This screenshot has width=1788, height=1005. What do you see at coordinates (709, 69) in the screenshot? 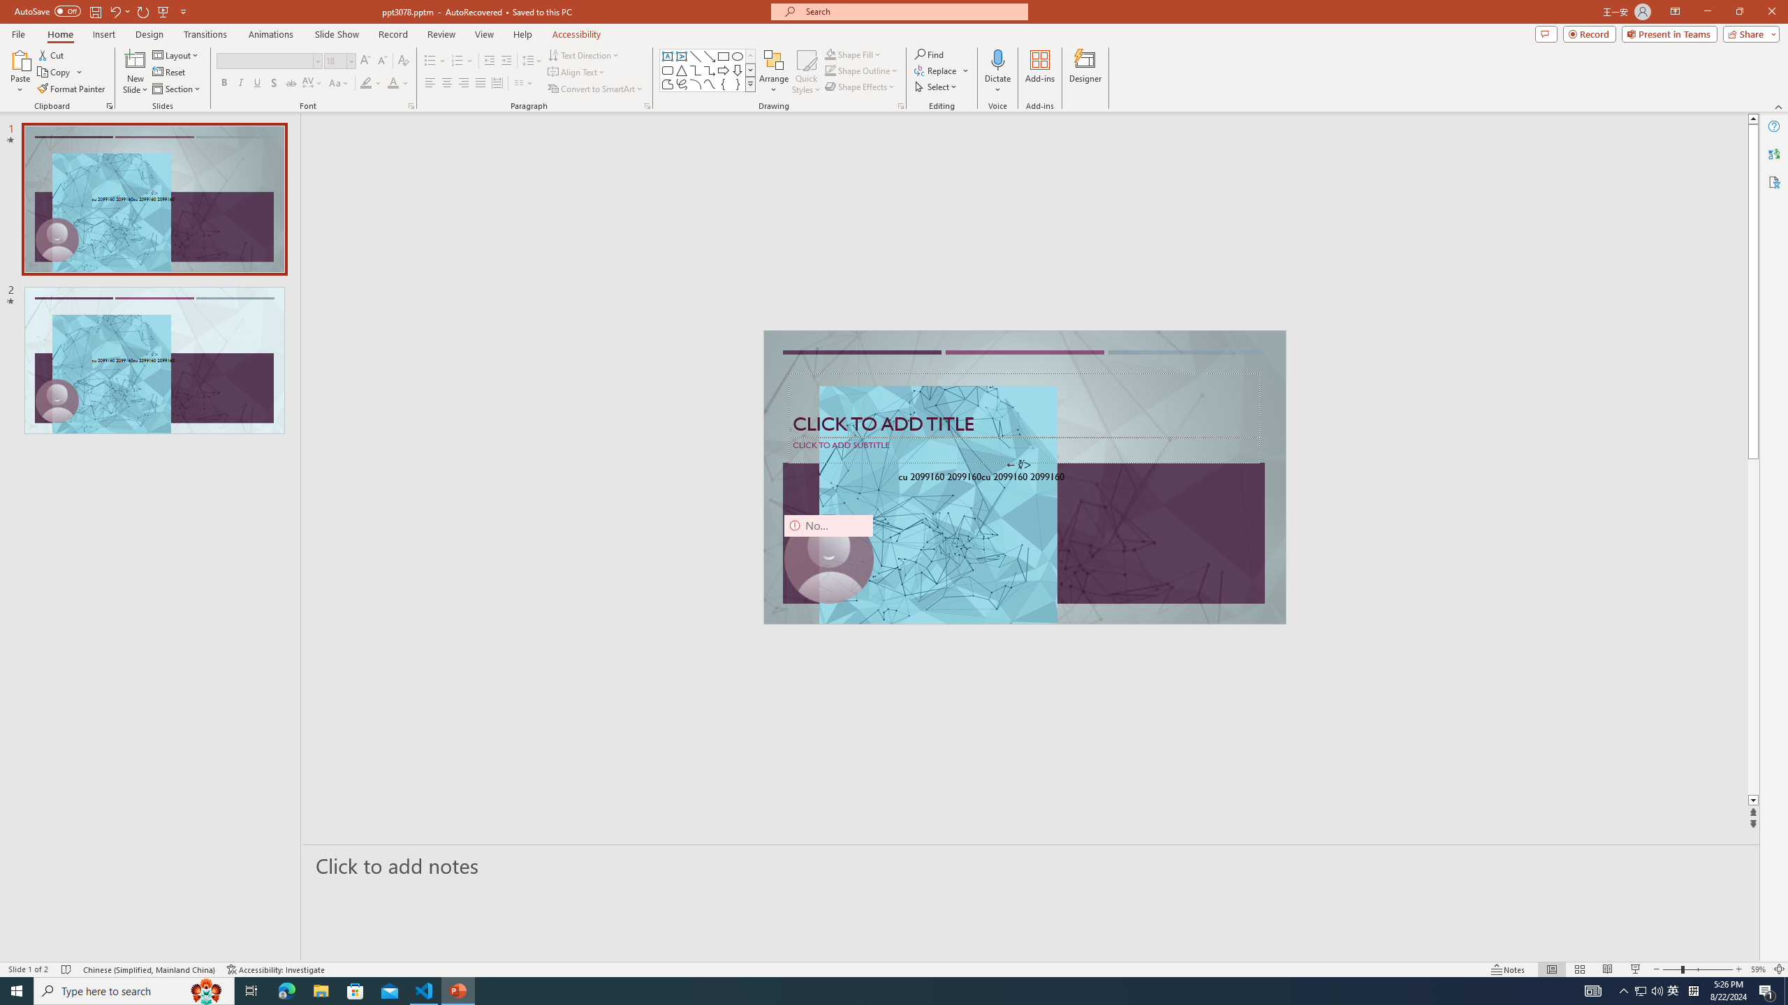
I see `'Connector: Elbow Arrow'` at bounding box center [709, 69].